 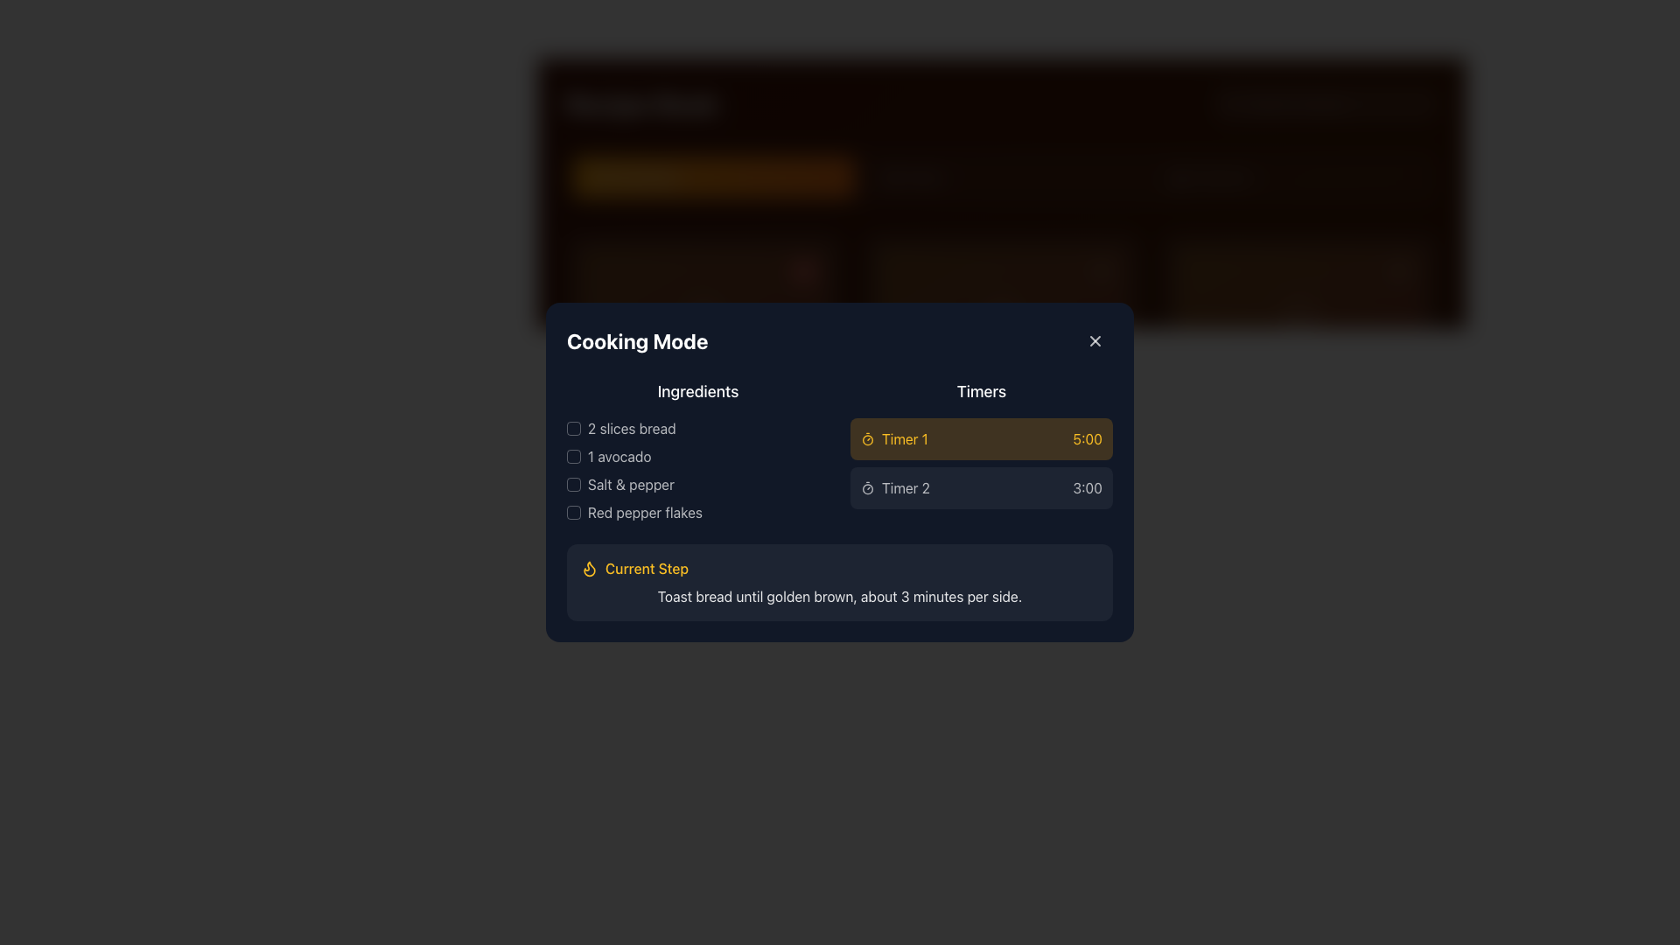 What do you see at coordinates (1049, 413) in the screenshot?
I see `the yellow star icon located in the 'Timers' section next to 'Timer 1' and its time '5:00'` at bounding box center [1049, 413].